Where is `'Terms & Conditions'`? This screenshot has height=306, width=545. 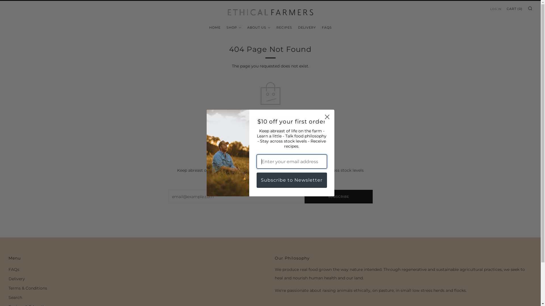 'Terms & Conditions' is located at coordinates (27, 288).